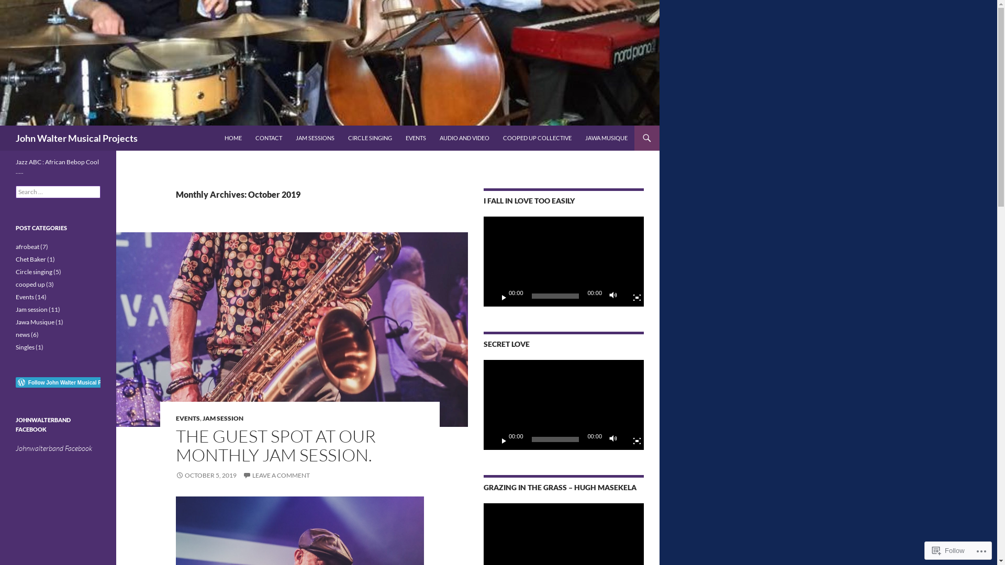  I want to click on 'CONTACT', so click(248, 137).